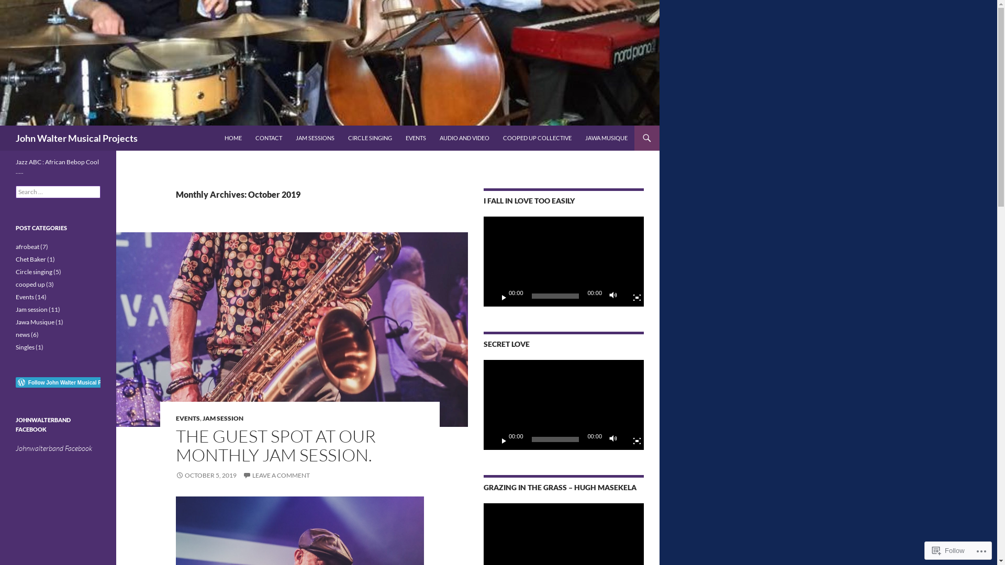  I want to click on 'CONTACT', so click(248, 137).